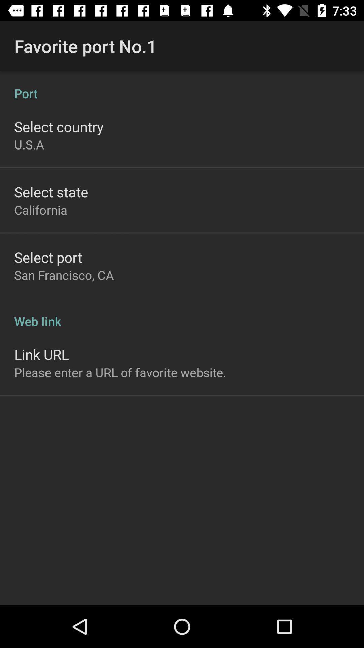  I want to click on san francisco, ca app, so click(64, 275).